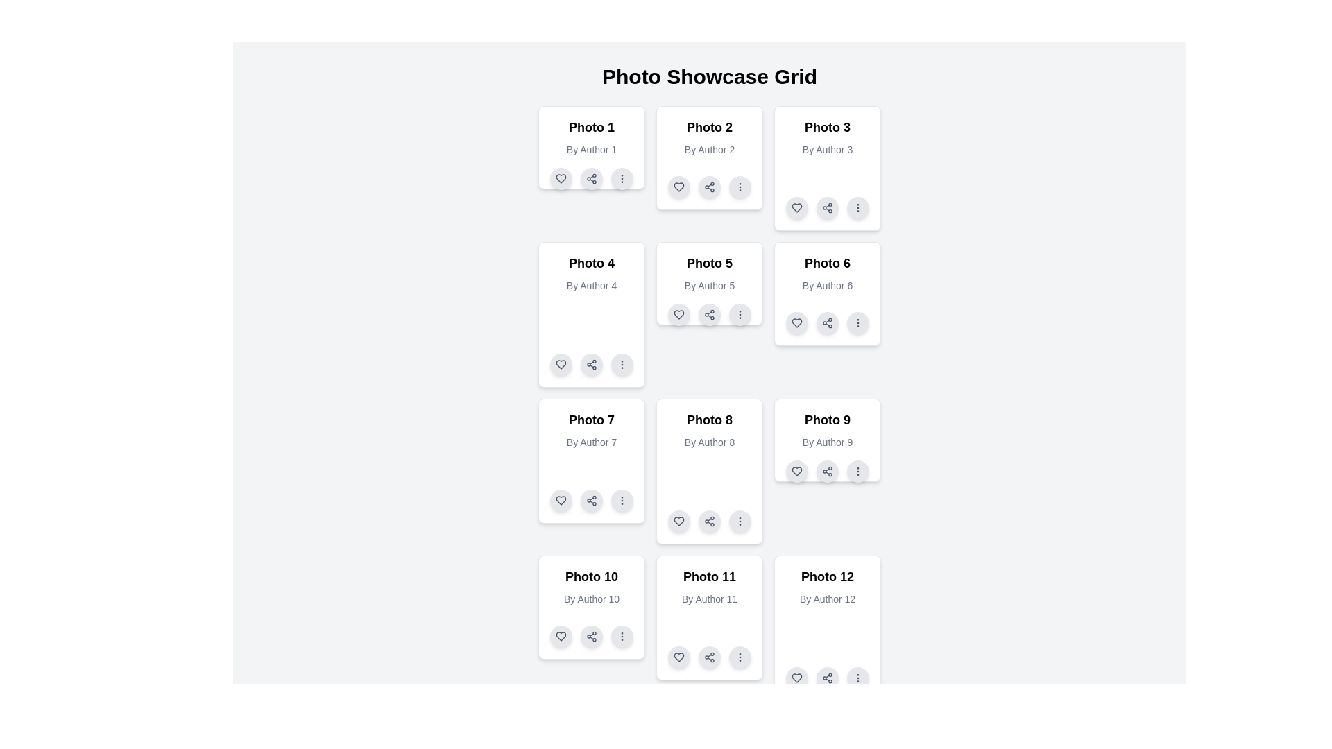 This screenshot has height=749, width=1332. I want to click on label 'Photo 2' located in the second card of a 3x4 grid layout, centered above the smaller text 'By Author 2', so click(709, 128).